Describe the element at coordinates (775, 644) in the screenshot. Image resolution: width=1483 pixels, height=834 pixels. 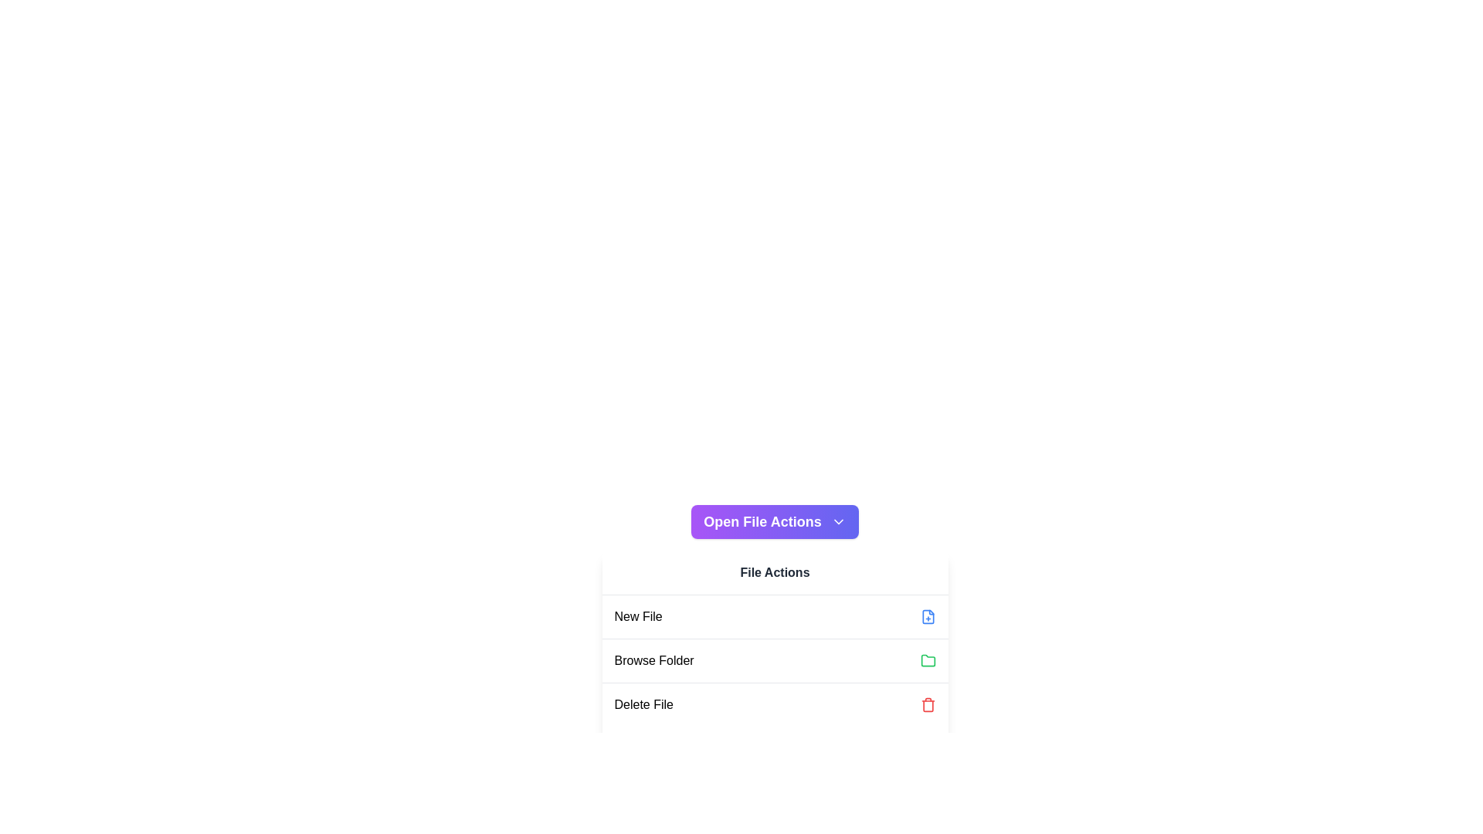
I see `the 'Browse Folder' list item in the dropdown menu to trigger a hover effect` at that location.